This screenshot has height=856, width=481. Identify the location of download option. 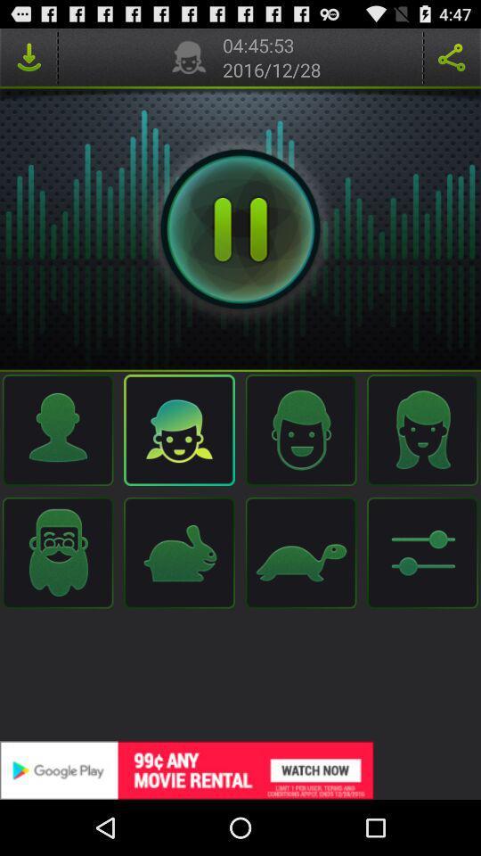
(28, 57).